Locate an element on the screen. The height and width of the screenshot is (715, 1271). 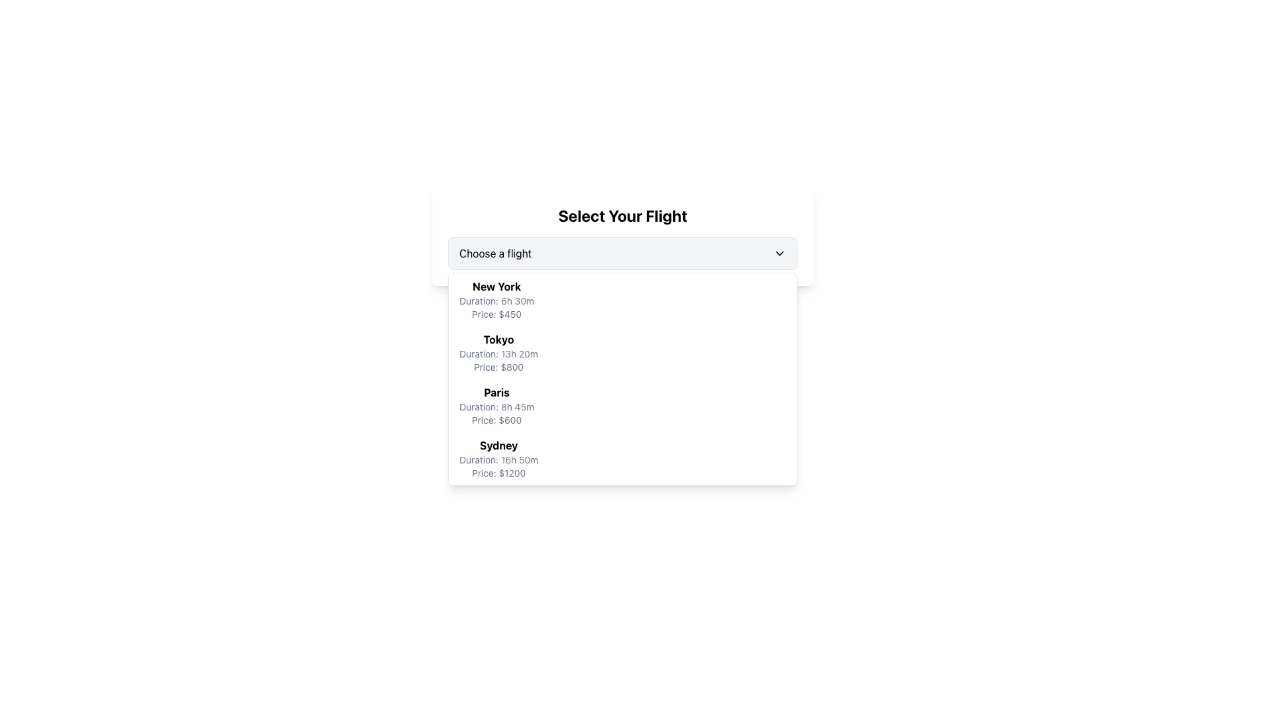
the third flight option in the dropdown list titled 'Select Your Flight' which displays information about a trip to Paris is located at coordinates (622, 405).